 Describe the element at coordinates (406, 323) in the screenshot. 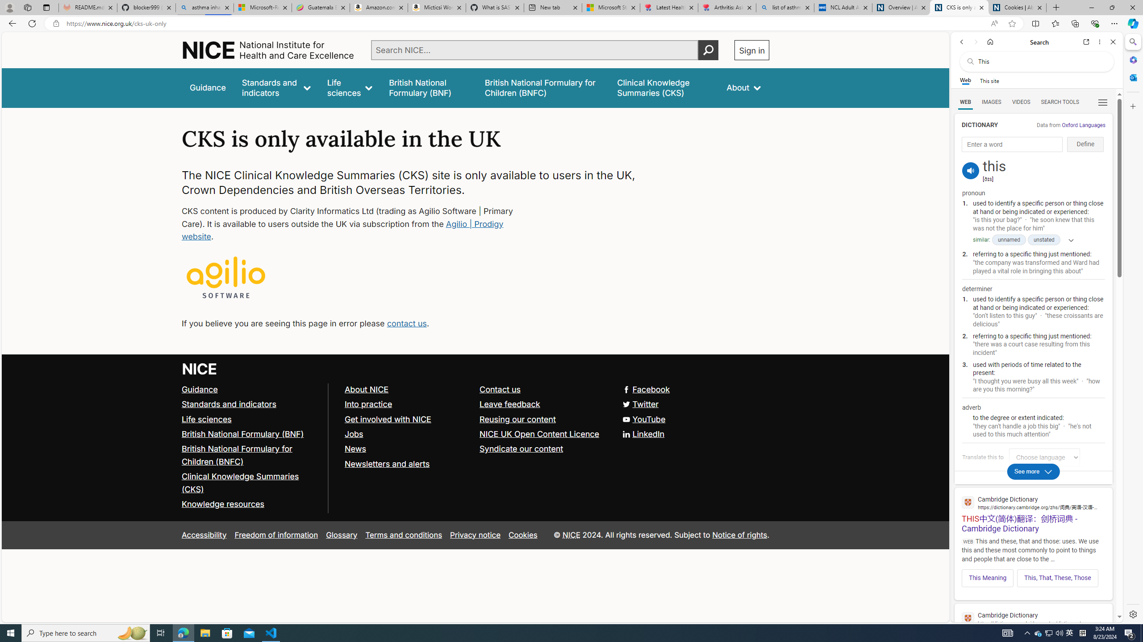

I see `'contact us'` at that location.